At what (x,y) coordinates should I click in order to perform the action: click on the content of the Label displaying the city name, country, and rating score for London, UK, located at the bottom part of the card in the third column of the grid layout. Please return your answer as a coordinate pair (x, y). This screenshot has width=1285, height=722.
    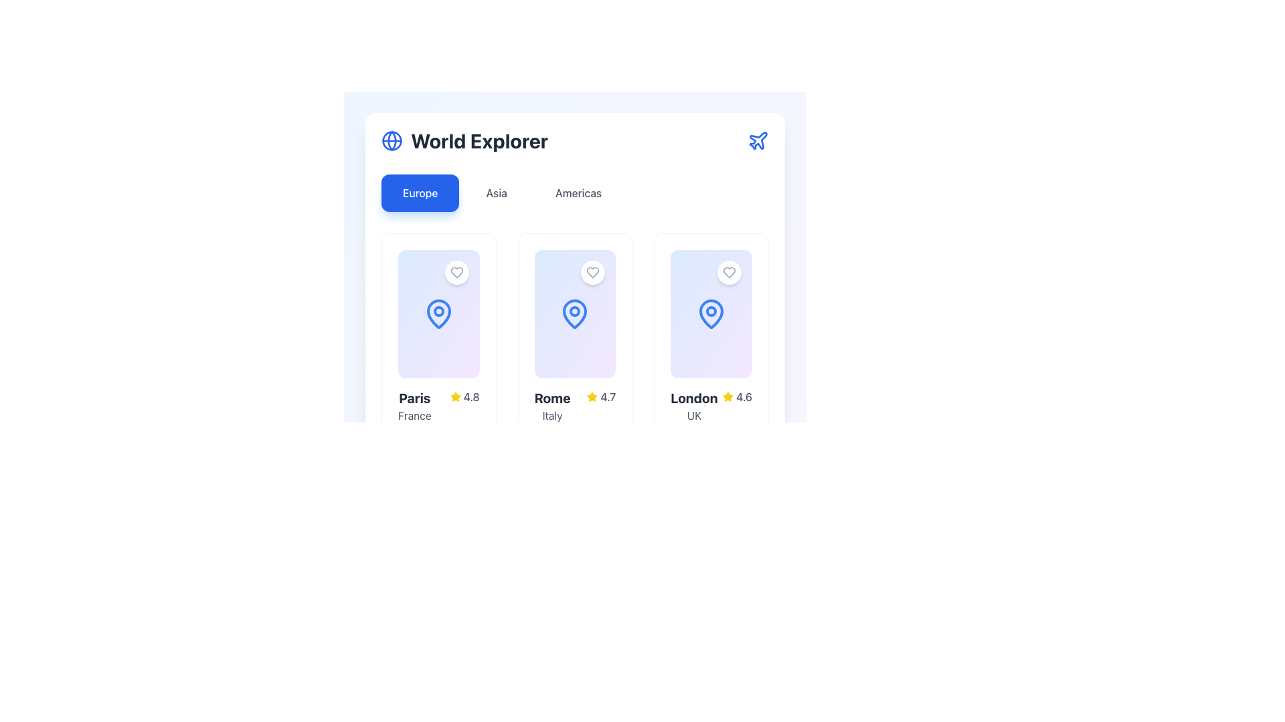
    Looking at the image, I should click on (711, 406).